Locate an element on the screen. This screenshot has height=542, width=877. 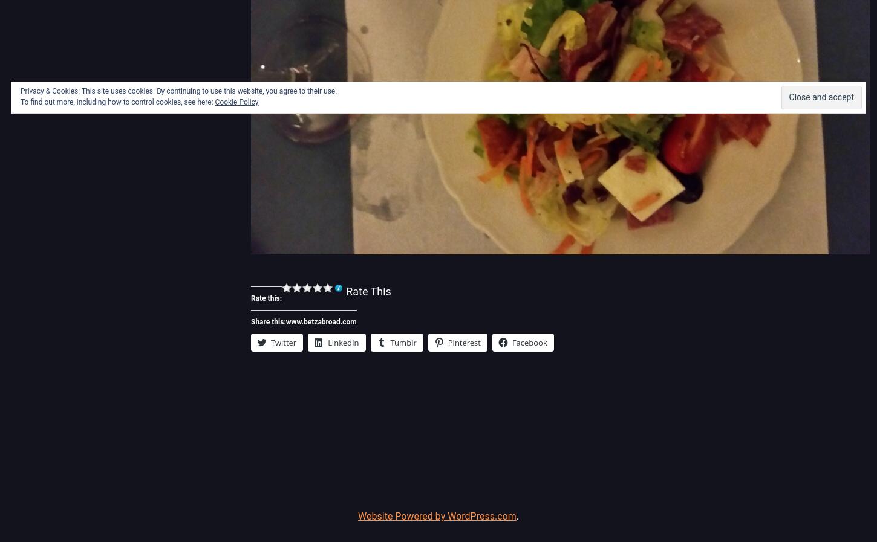
'Pinterest' is located at coordinates (464, 342).